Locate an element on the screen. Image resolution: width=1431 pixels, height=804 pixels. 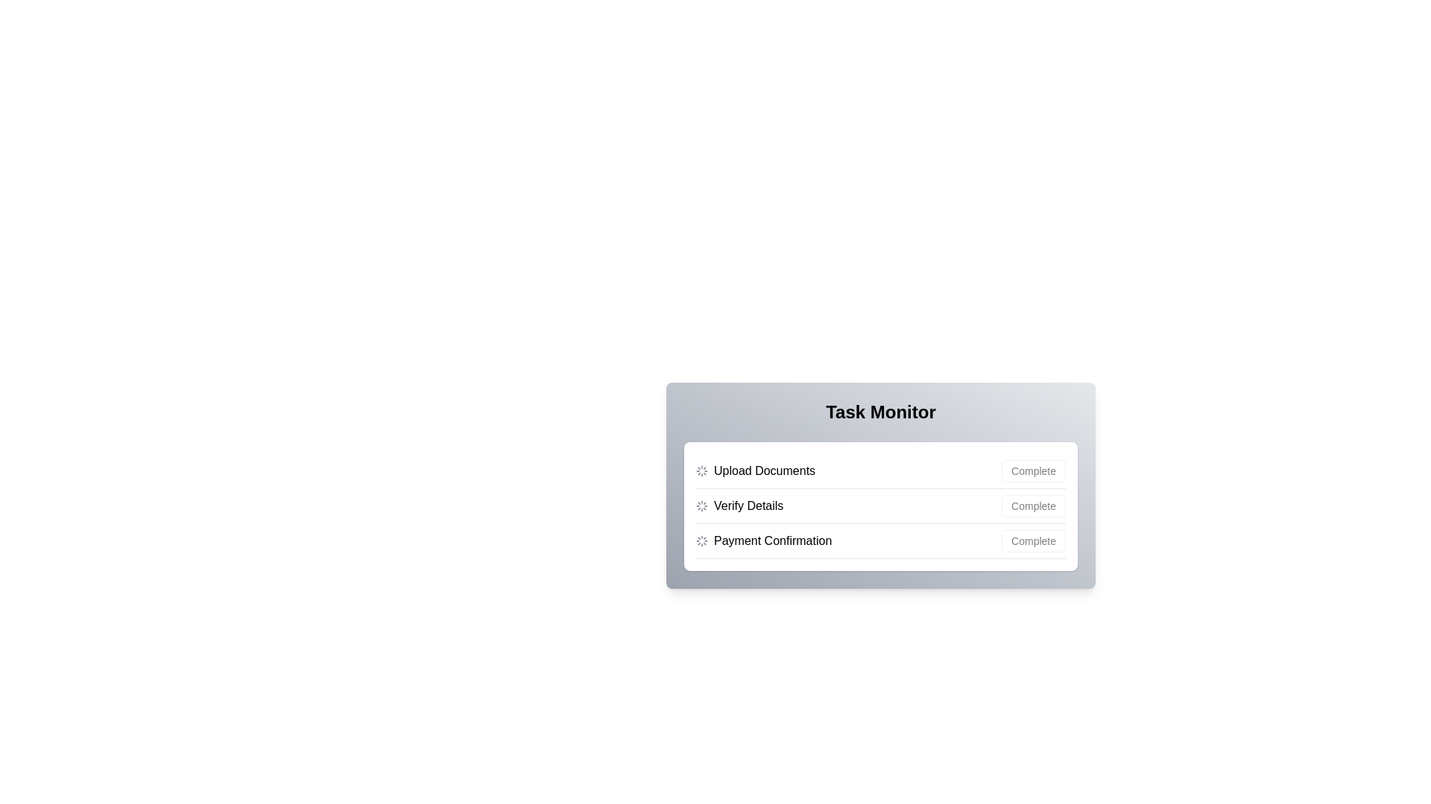
the loader icon next to the 'Payment Confirmation' label in the 'Task Monitor' section to understand the task progress is located at coordinates (764, 540).